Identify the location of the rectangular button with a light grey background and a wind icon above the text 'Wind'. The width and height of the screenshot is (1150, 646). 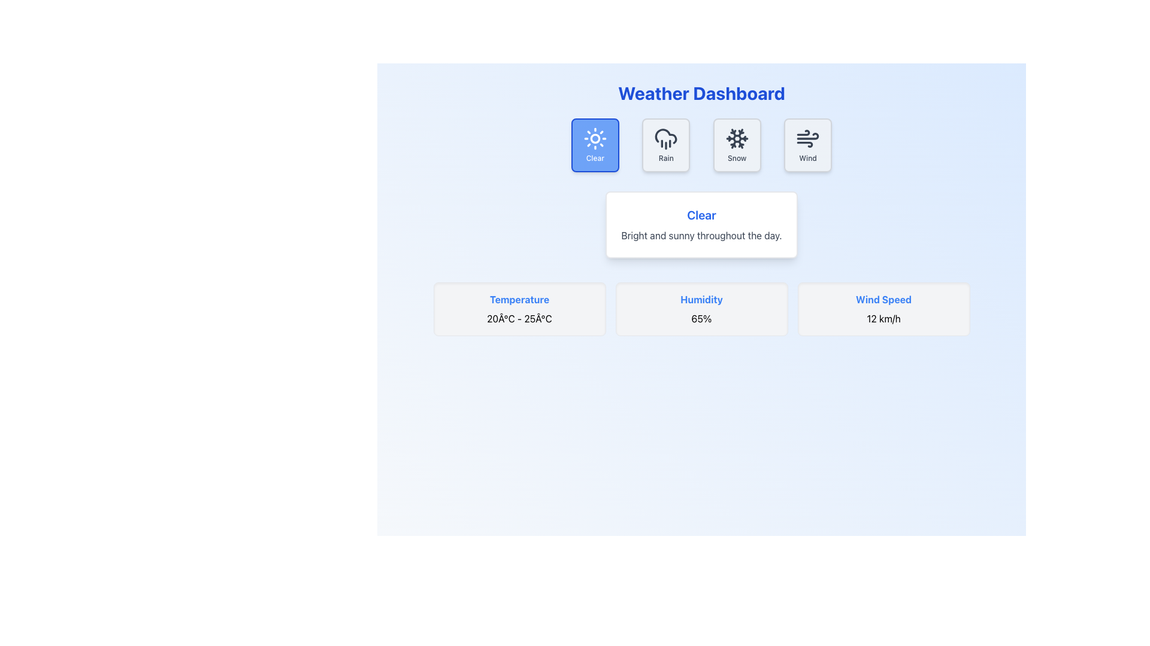
(807, 145).